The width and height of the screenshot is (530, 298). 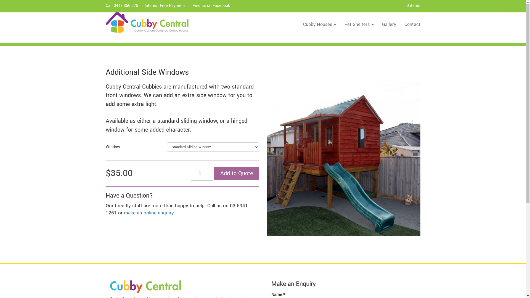 I want to click on 'Find us on Facebook', so click(x=211, y=6).